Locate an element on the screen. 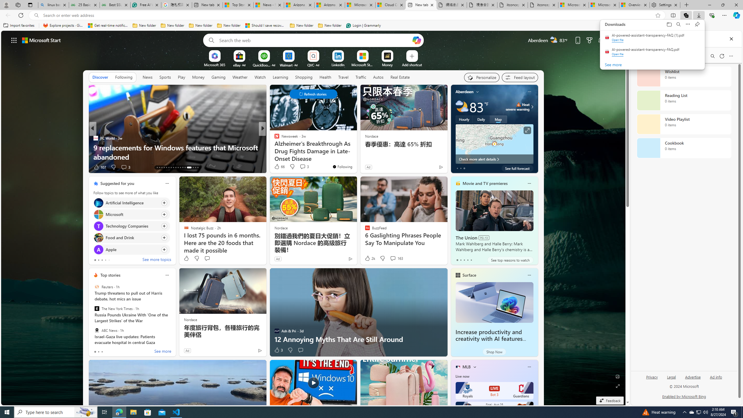  'tab-3' is located at coordinates (467, 260).